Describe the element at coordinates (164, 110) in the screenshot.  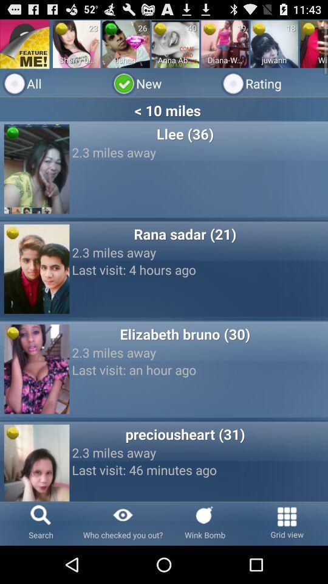
I see `item below all radio button` at that location.